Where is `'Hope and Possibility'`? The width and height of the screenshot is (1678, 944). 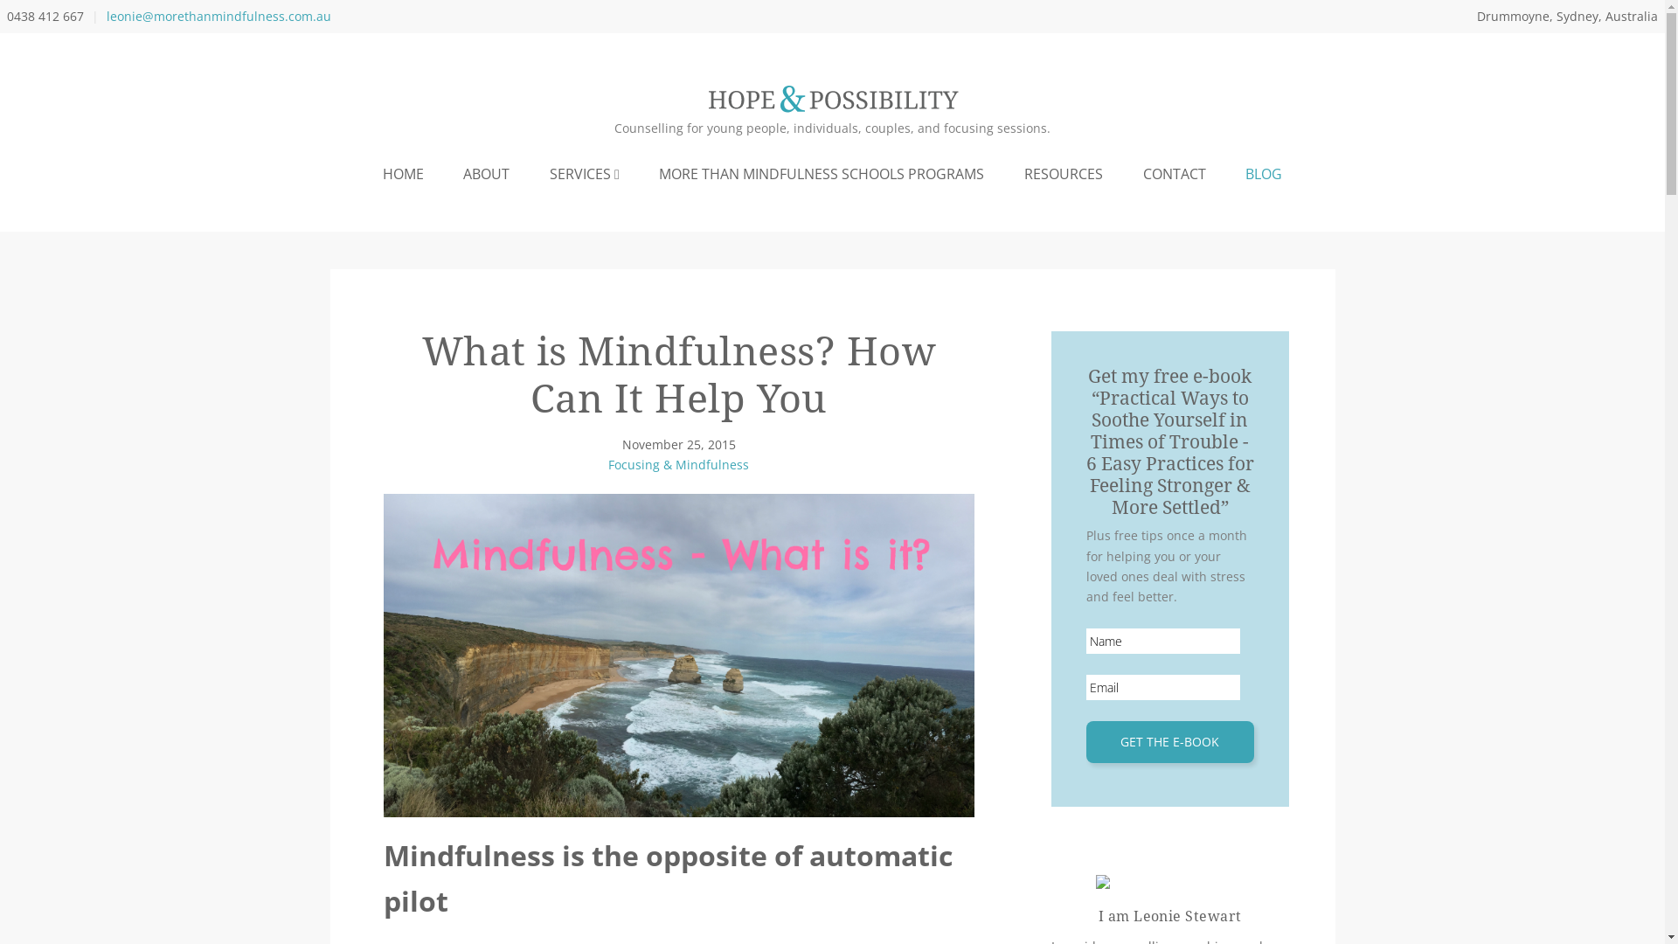
'Hope and Possibility' is located at coordinates (830, 108).